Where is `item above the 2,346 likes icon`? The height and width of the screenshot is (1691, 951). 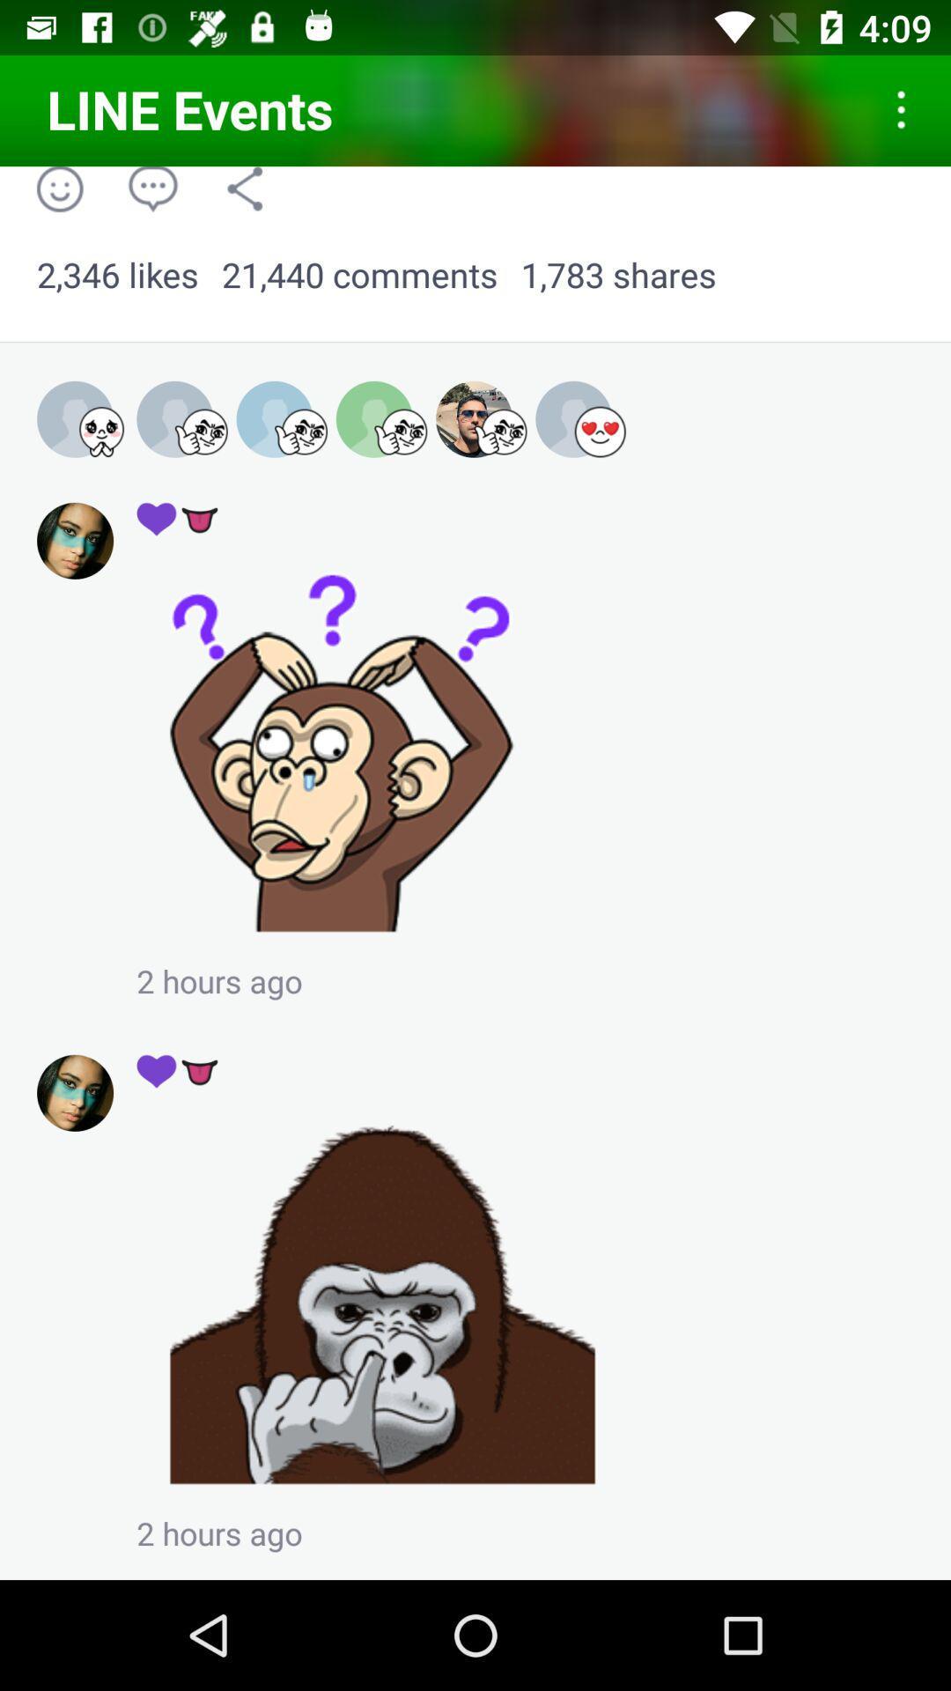
item above the 2,346 likes icon is located at coordinates (245, 188).